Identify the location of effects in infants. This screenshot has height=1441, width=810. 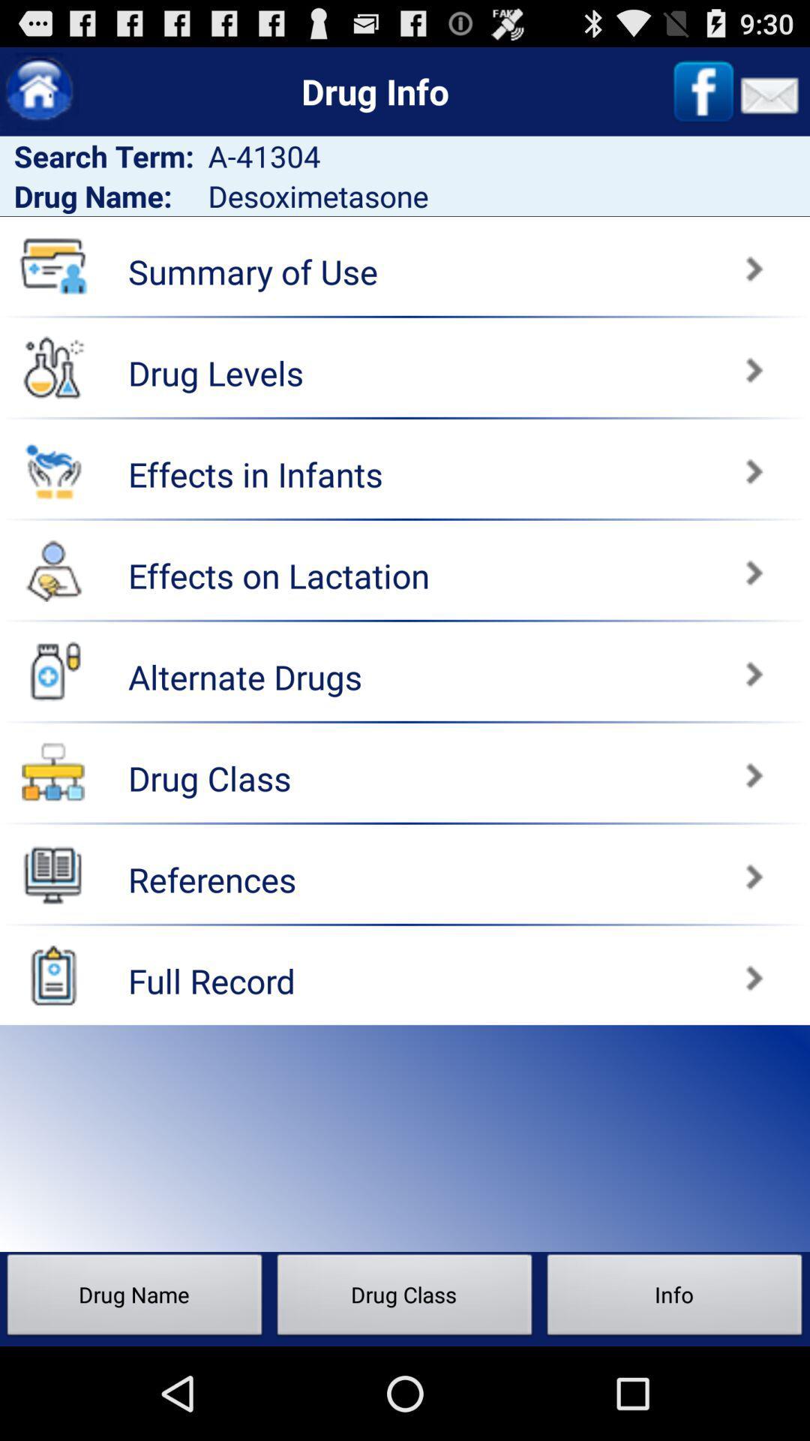
(610, 463).